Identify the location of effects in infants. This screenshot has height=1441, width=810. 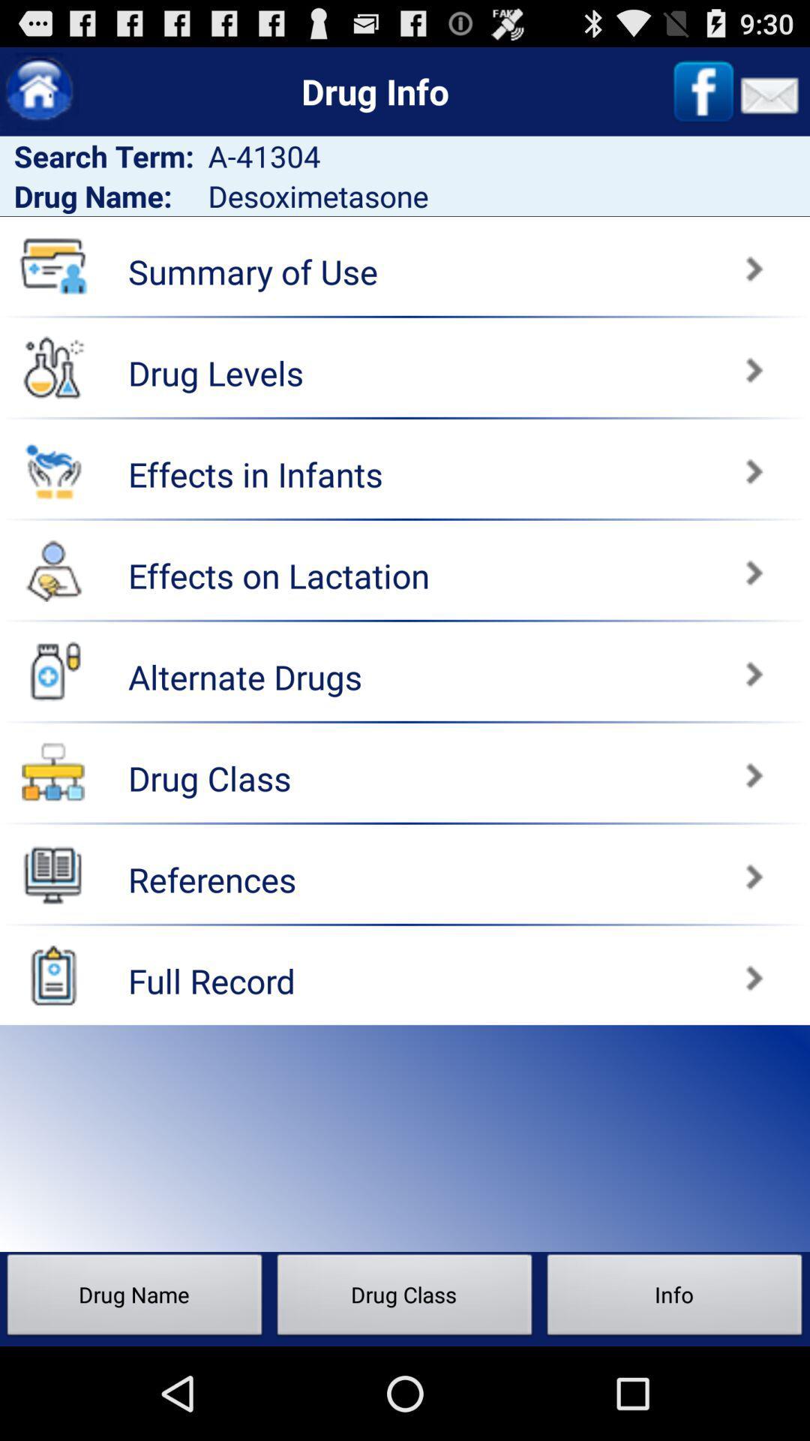
(610, 463).